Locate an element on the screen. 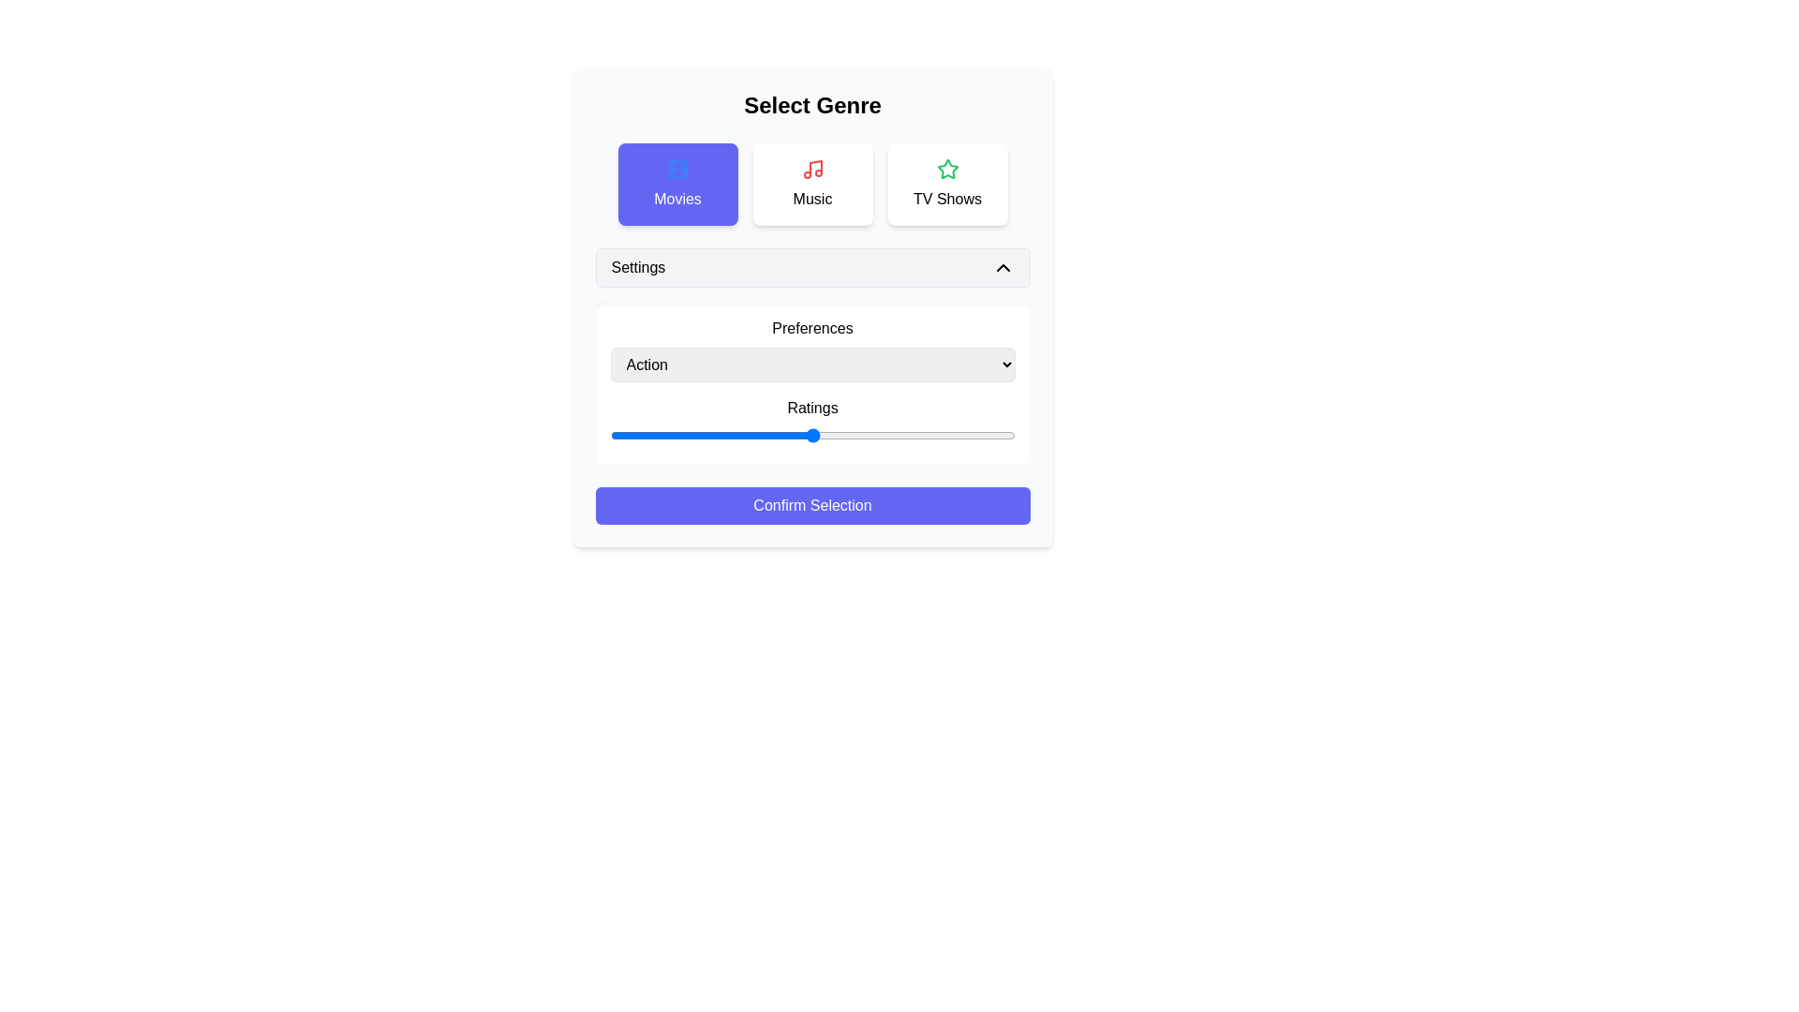 The image size is (1799, 1012). the rating is located at coordinates (690, 436).